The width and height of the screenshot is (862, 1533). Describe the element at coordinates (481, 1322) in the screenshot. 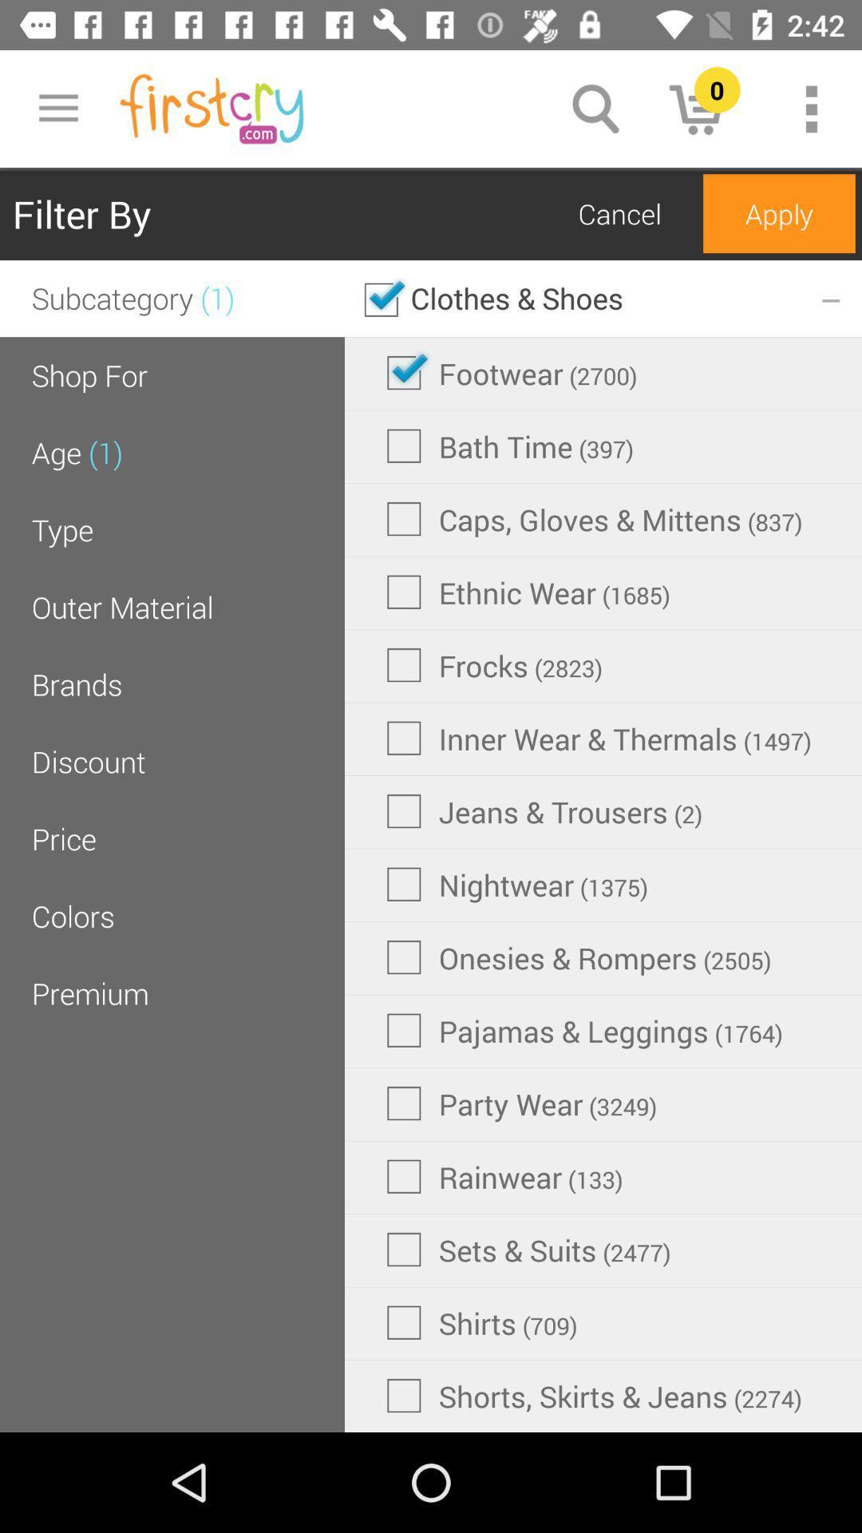

I see `the item above shorts skirts jeans item` at that location.